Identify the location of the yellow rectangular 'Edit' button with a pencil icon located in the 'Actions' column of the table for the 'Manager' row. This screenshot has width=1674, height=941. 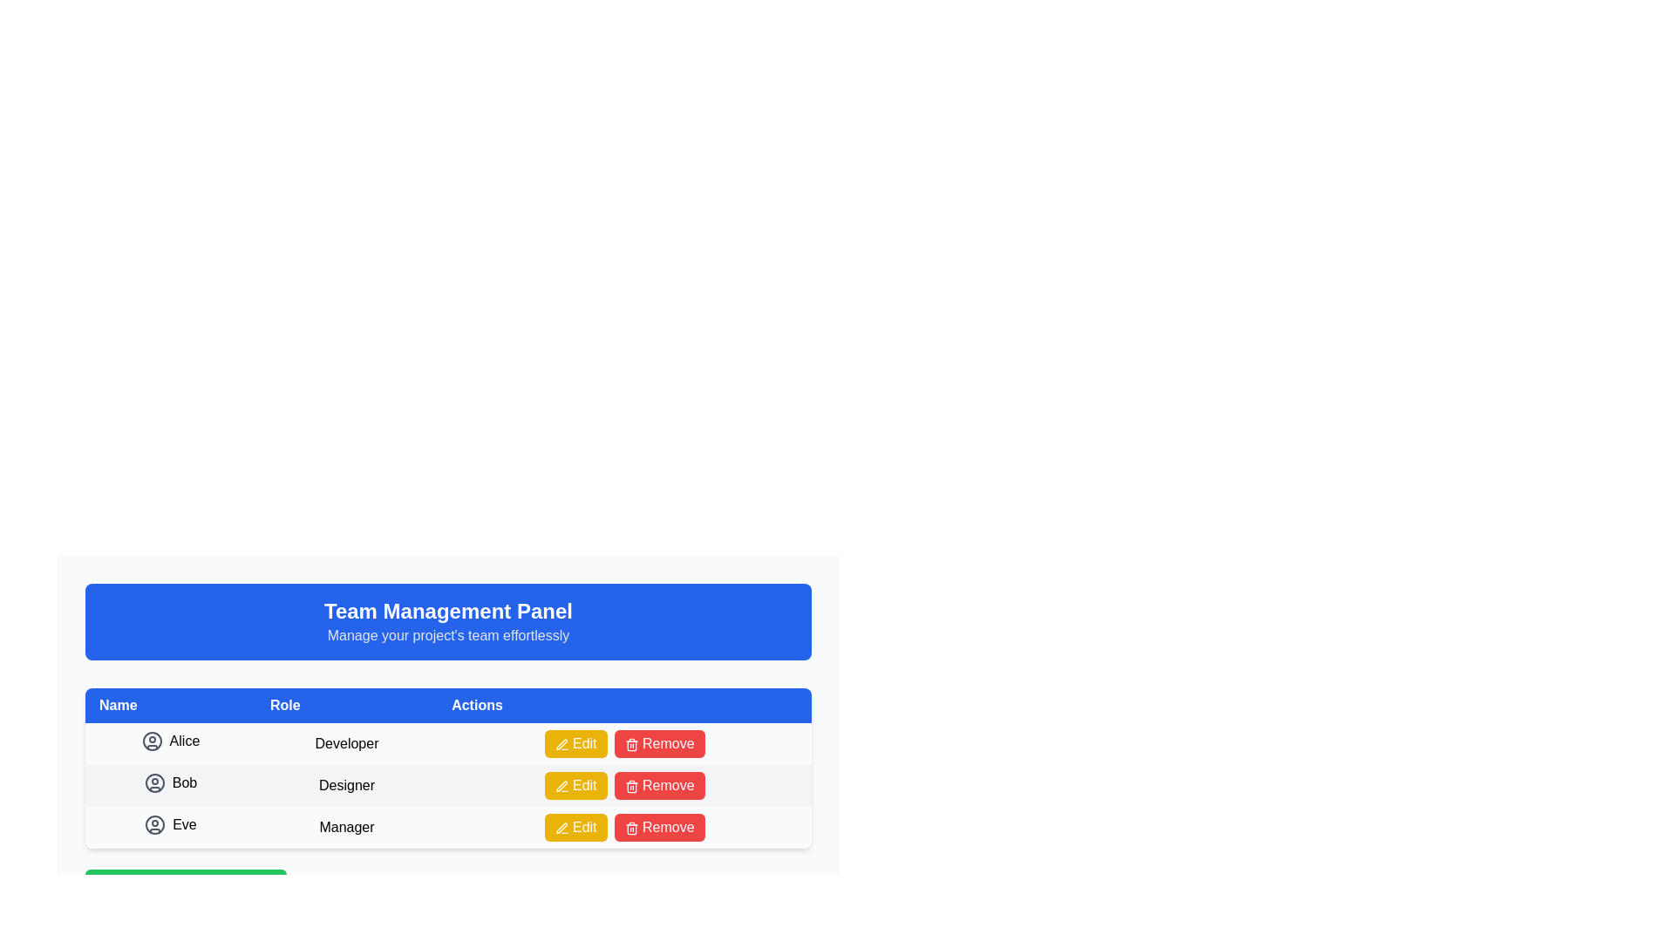
(575, 826).